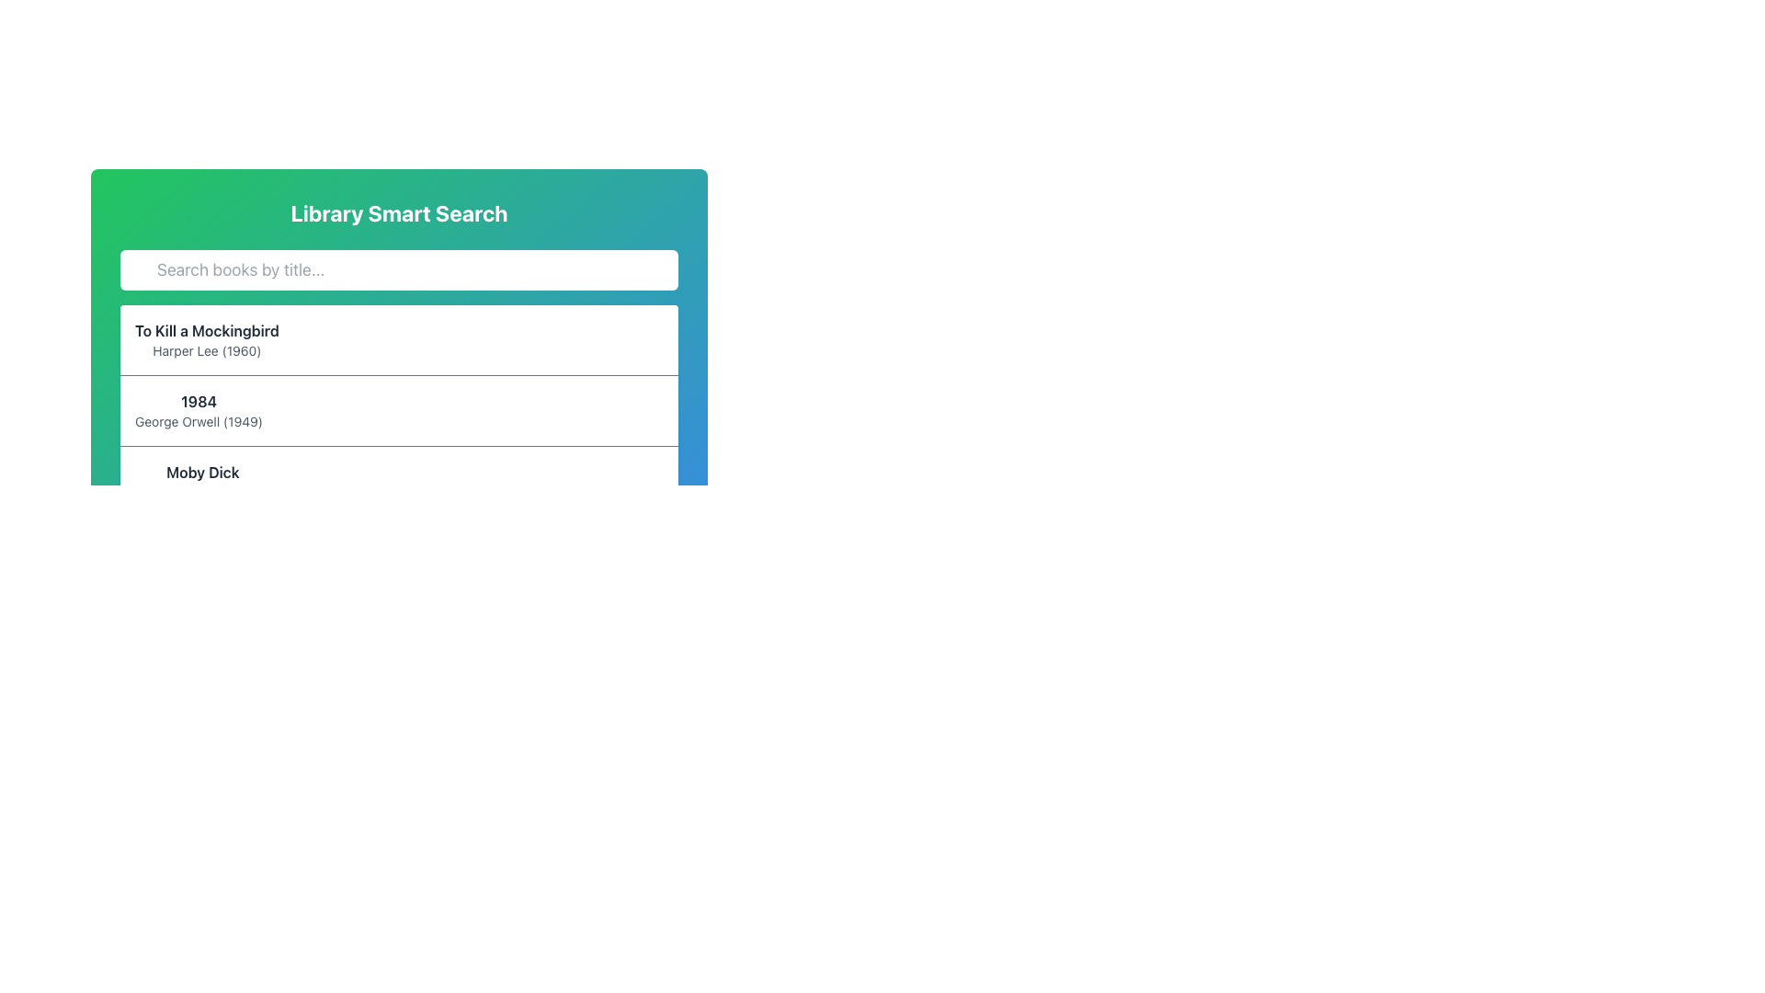 This screenshot has width=1765, height=993. What do you see at coordinates (199, 422) in the screenshot?
I see `attribution information text label located underneath the title '1984', which includes the author's name and year of publication` at bounding box center [199, 422].